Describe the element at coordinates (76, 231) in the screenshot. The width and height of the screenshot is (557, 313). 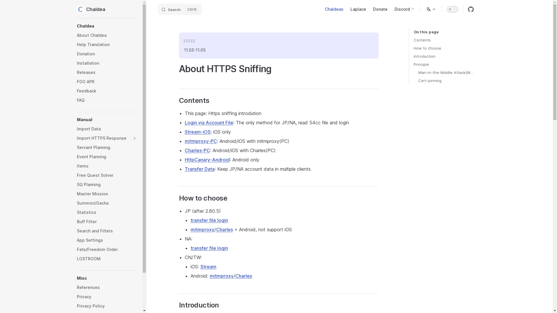
I see `'Search and Filters'` at that location.